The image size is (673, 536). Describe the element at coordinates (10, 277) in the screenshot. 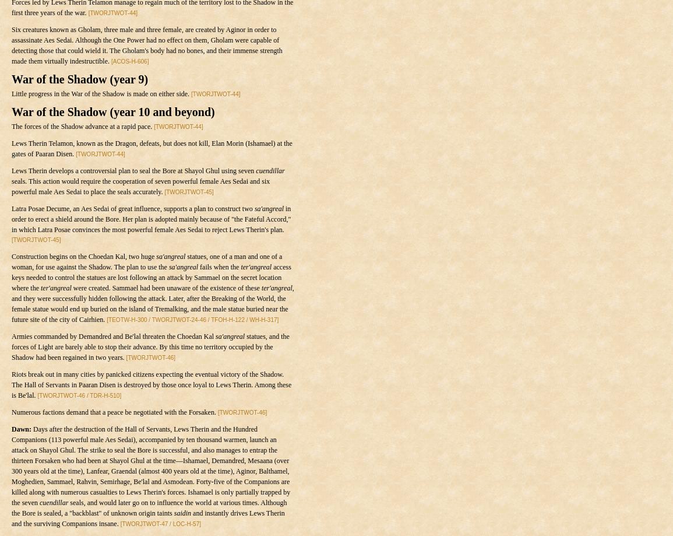

I see `'access keys needed to control the statues are lost following an attack by Sammael on the secret location where the'` at that location.